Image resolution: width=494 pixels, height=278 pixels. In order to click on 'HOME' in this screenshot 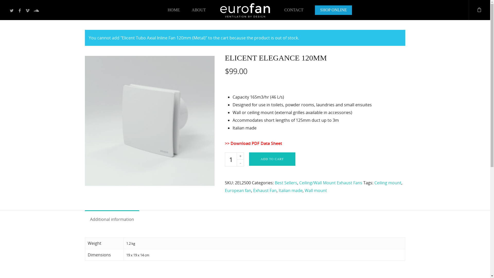, I will do `click(174, 11)`.